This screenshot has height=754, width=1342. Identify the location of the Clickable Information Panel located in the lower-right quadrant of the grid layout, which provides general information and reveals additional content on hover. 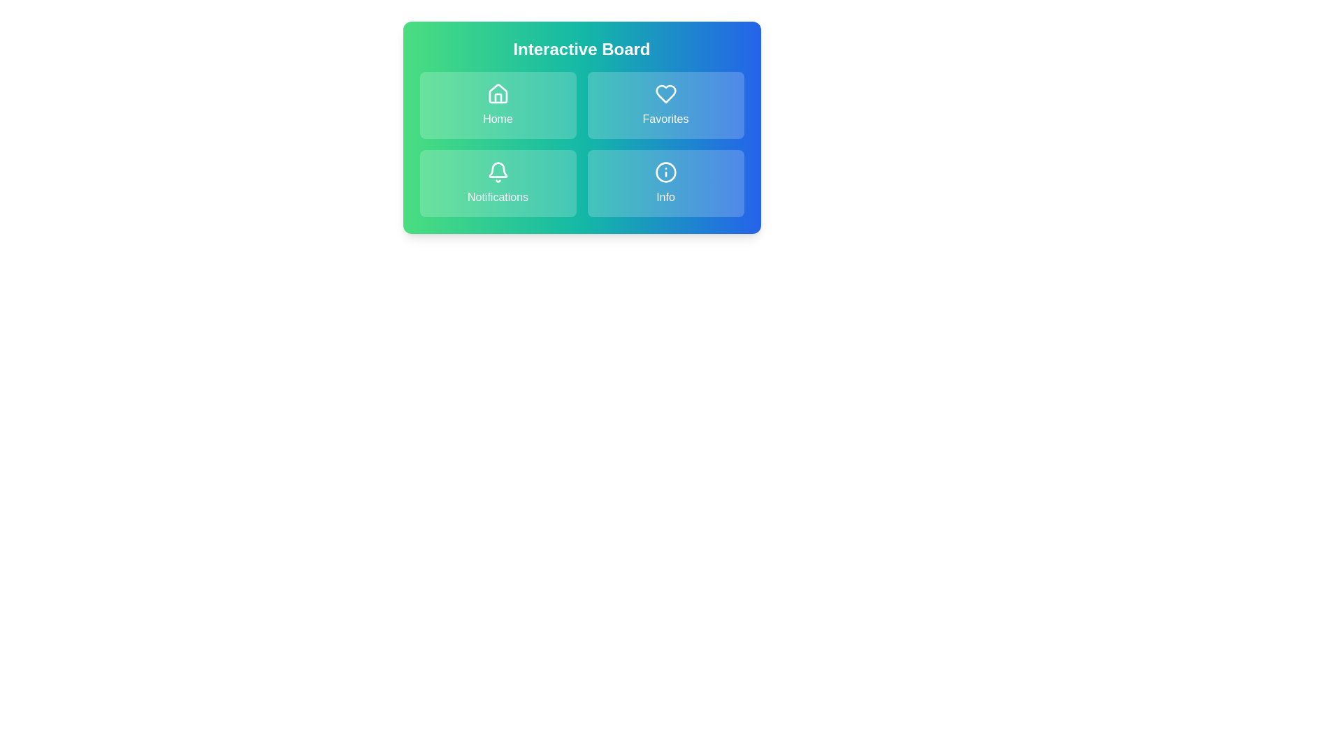
(665, 182).